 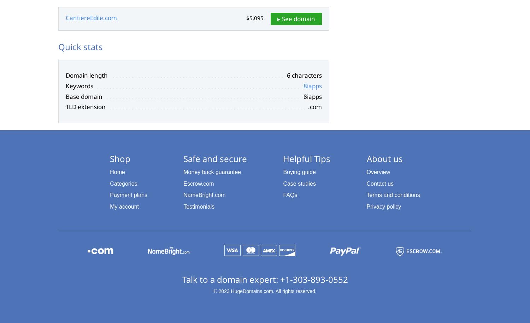 What do you see at coordinates (120, 158) in the screenshot?
I see `'Shop'` at bounding box center [120, 158].